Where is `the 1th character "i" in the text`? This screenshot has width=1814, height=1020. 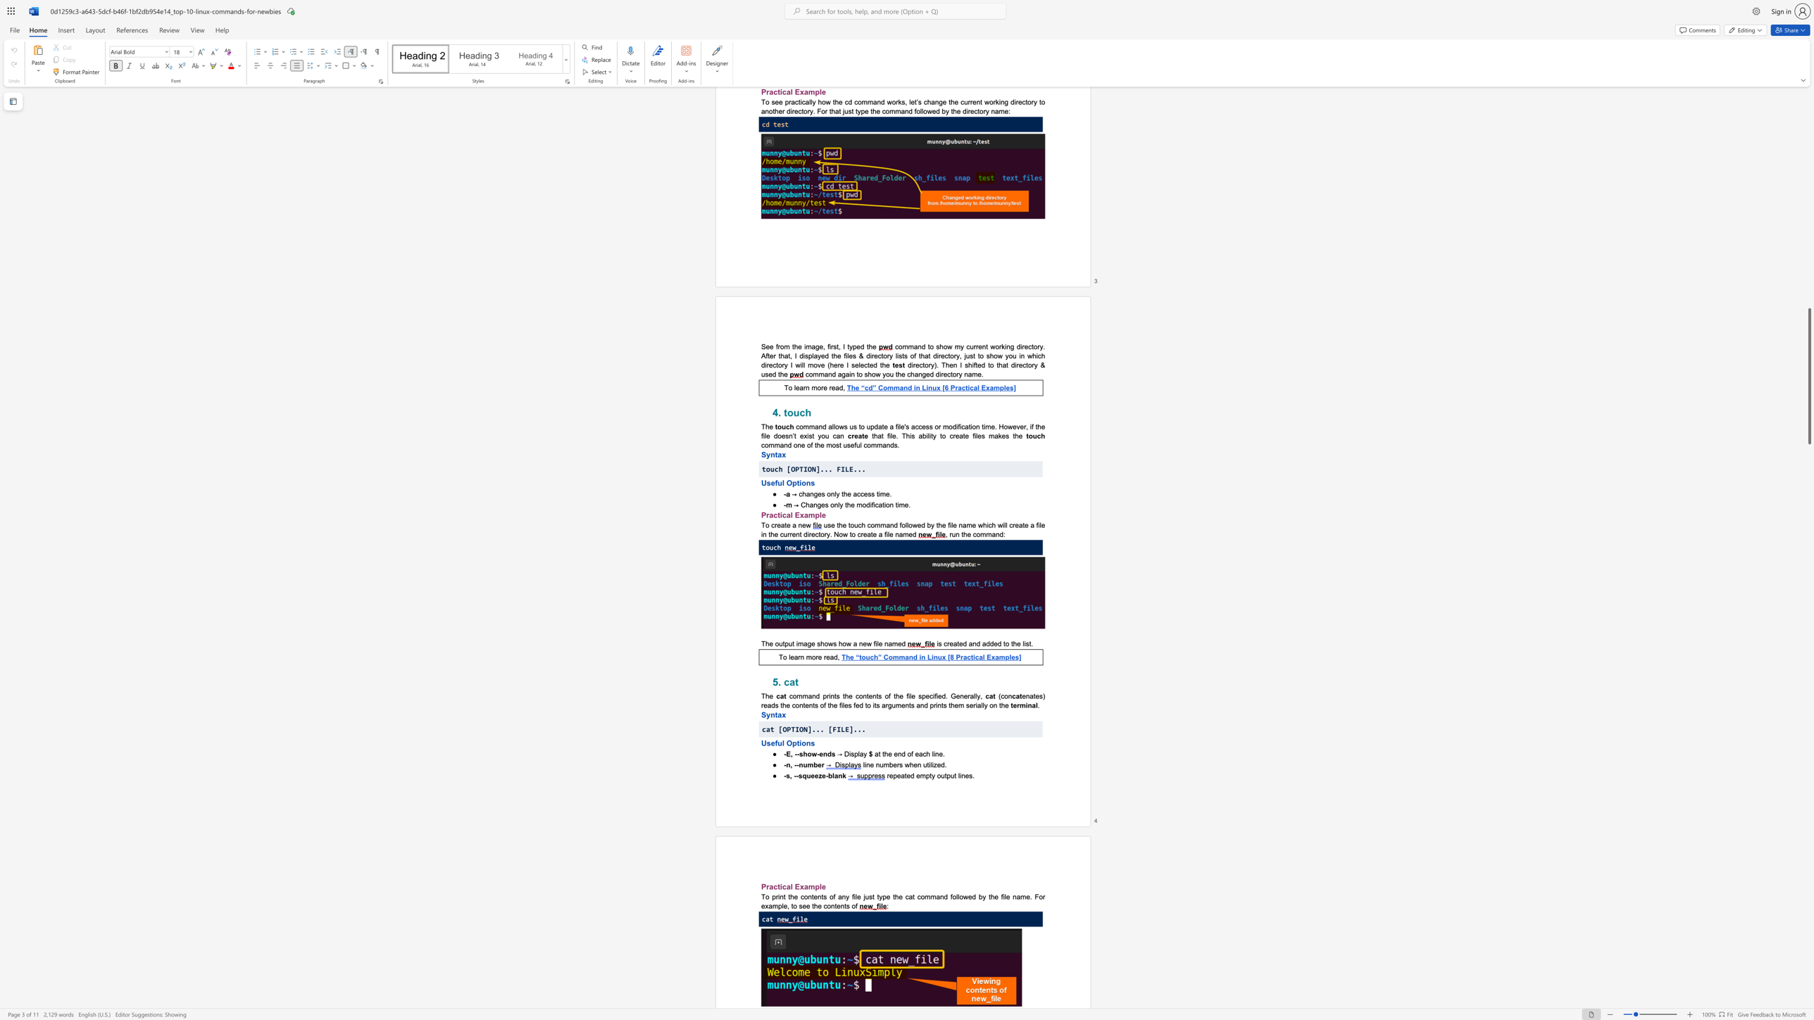
the 1th character "i" in the text is located at coordinates (934, 754).